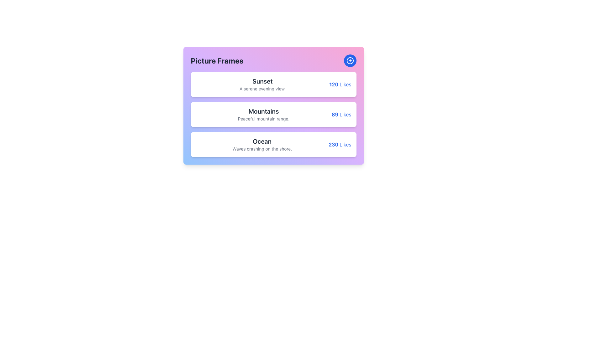 This screenshot has height=338, width=602. What do you see at coordinates (217, 60) in the screenshot?
I see `text of the label displaying 'Picture Frames' in bold font located at the top-left of the card layout` at bounding box center [217, 60].